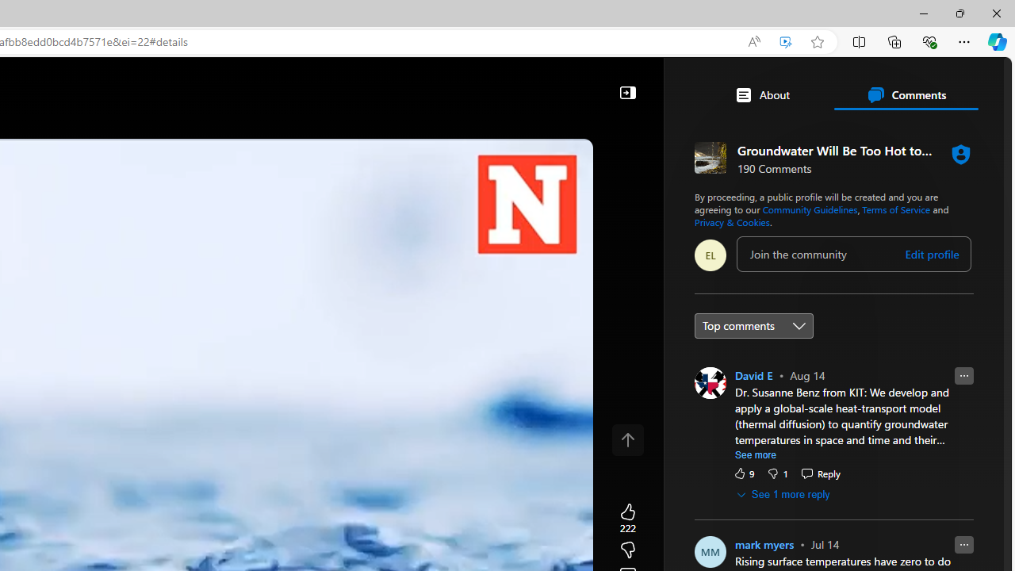  What do you see at coordinates (786, 41) in the screenshot?
I see `'Enhance video'` at bounding box center [786, 41].